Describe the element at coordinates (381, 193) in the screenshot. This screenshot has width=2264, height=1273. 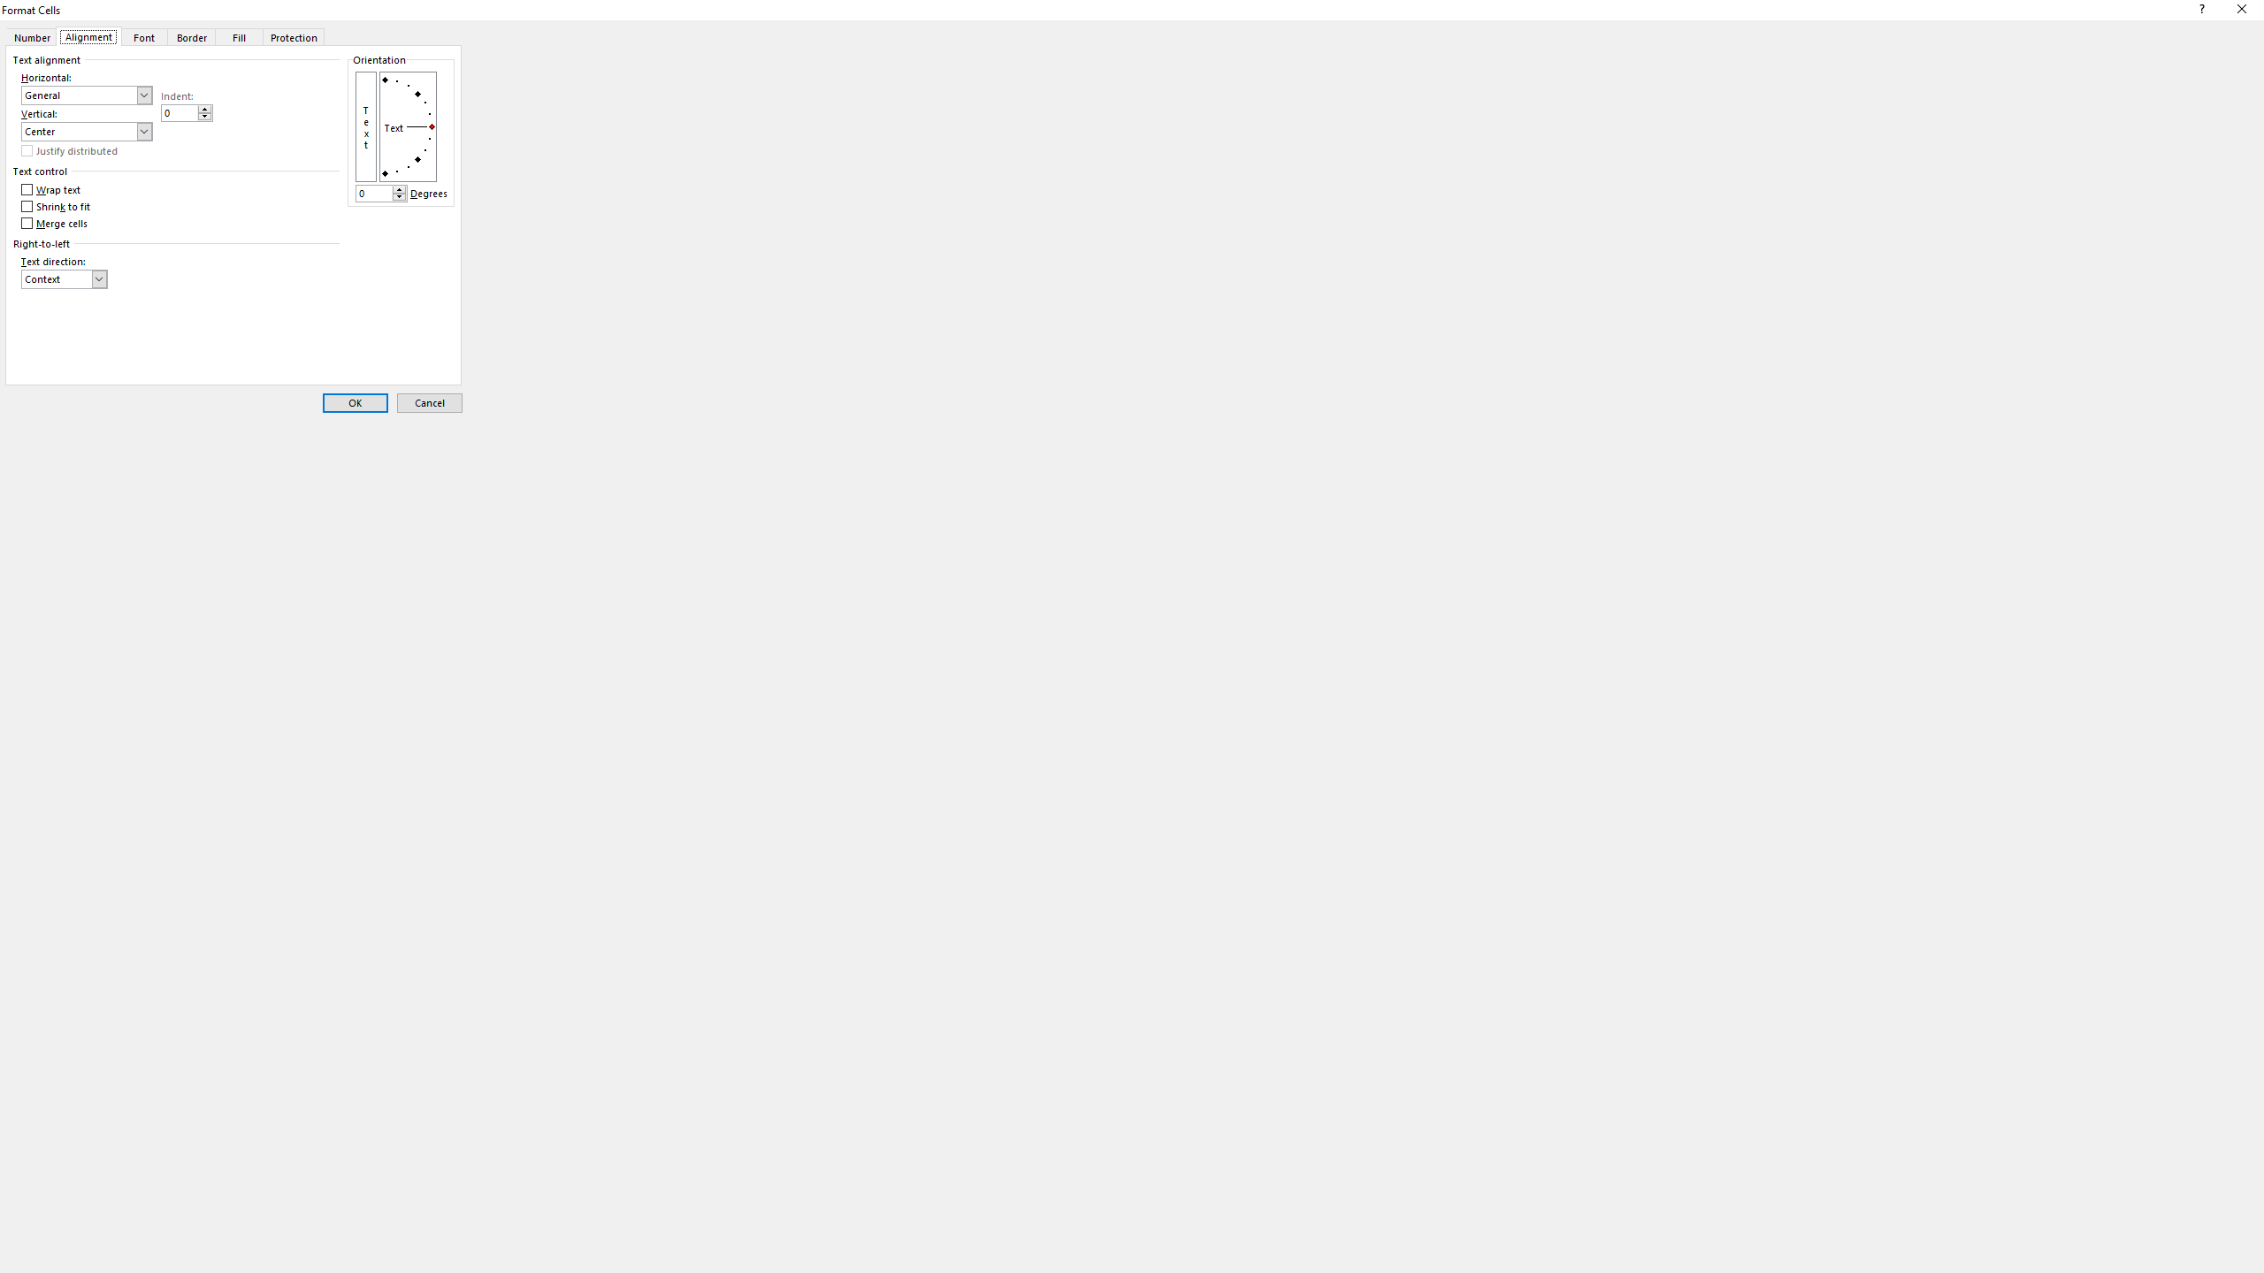
I see `'Degrees'` at that location.